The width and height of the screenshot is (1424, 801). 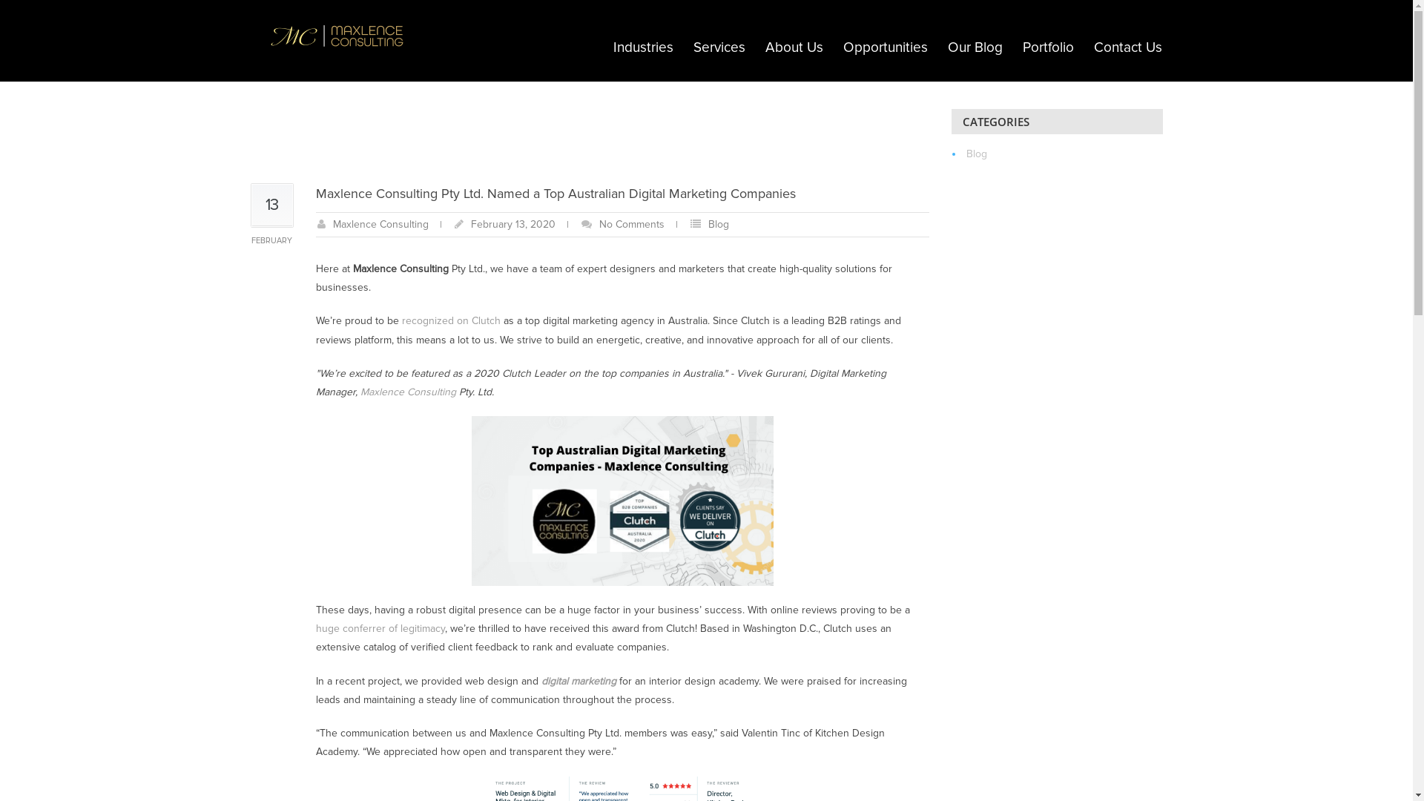 What do you see at coordinates (408, 391) in the screenshot?
I see `'Maxlence Consulting'` at bounding box center [408, 391].